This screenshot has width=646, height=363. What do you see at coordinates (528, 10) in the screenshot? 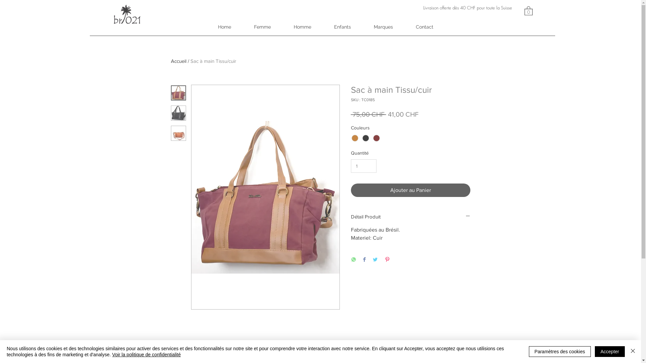
I see `'0'` at bounding box center [528, 10].